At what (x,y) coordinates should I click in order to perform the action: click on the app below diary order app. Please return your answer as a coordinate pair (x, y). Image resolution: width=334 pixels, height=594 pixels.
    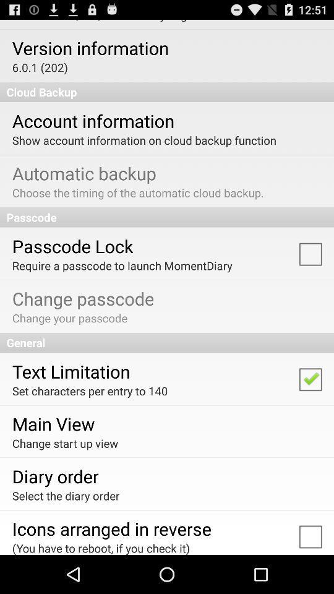
    Looking at the image, I should click on (66, 496).